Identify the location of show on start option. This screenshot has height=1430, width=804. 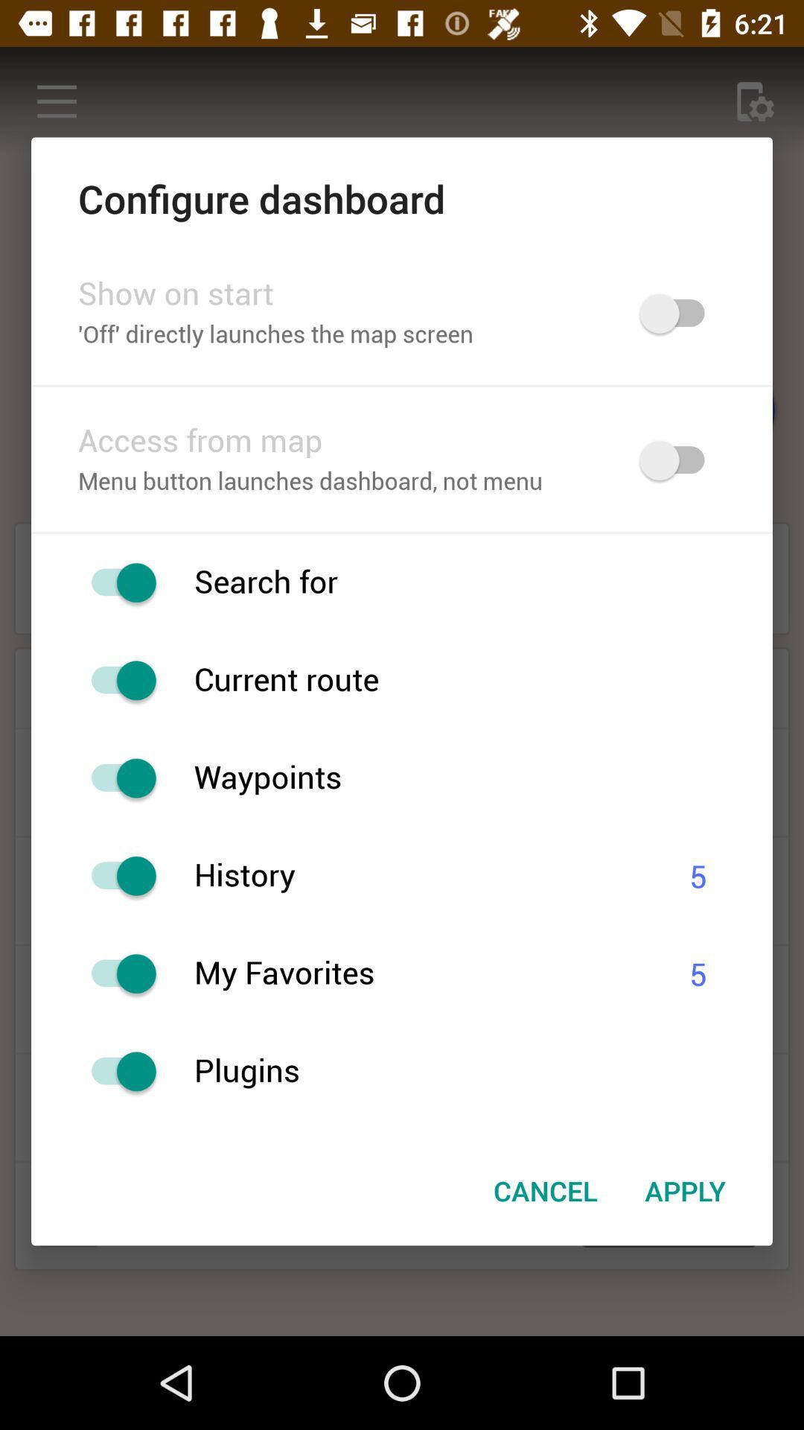
(679, 313).